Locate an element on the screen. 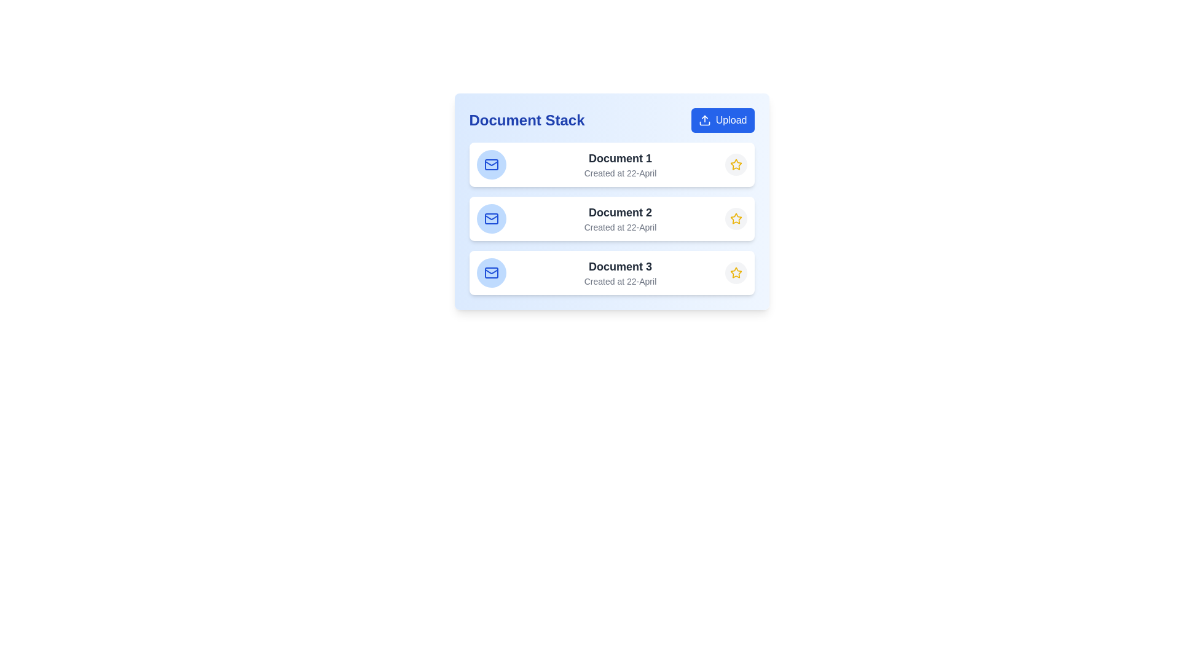 The height and width of the screenshot is (664, 1180). the static text label that reads 'Document 3', which is the third item in the 'Document Stack' list, positioned between 'Document 2' and its creation date is located at coordinates (620, 266).